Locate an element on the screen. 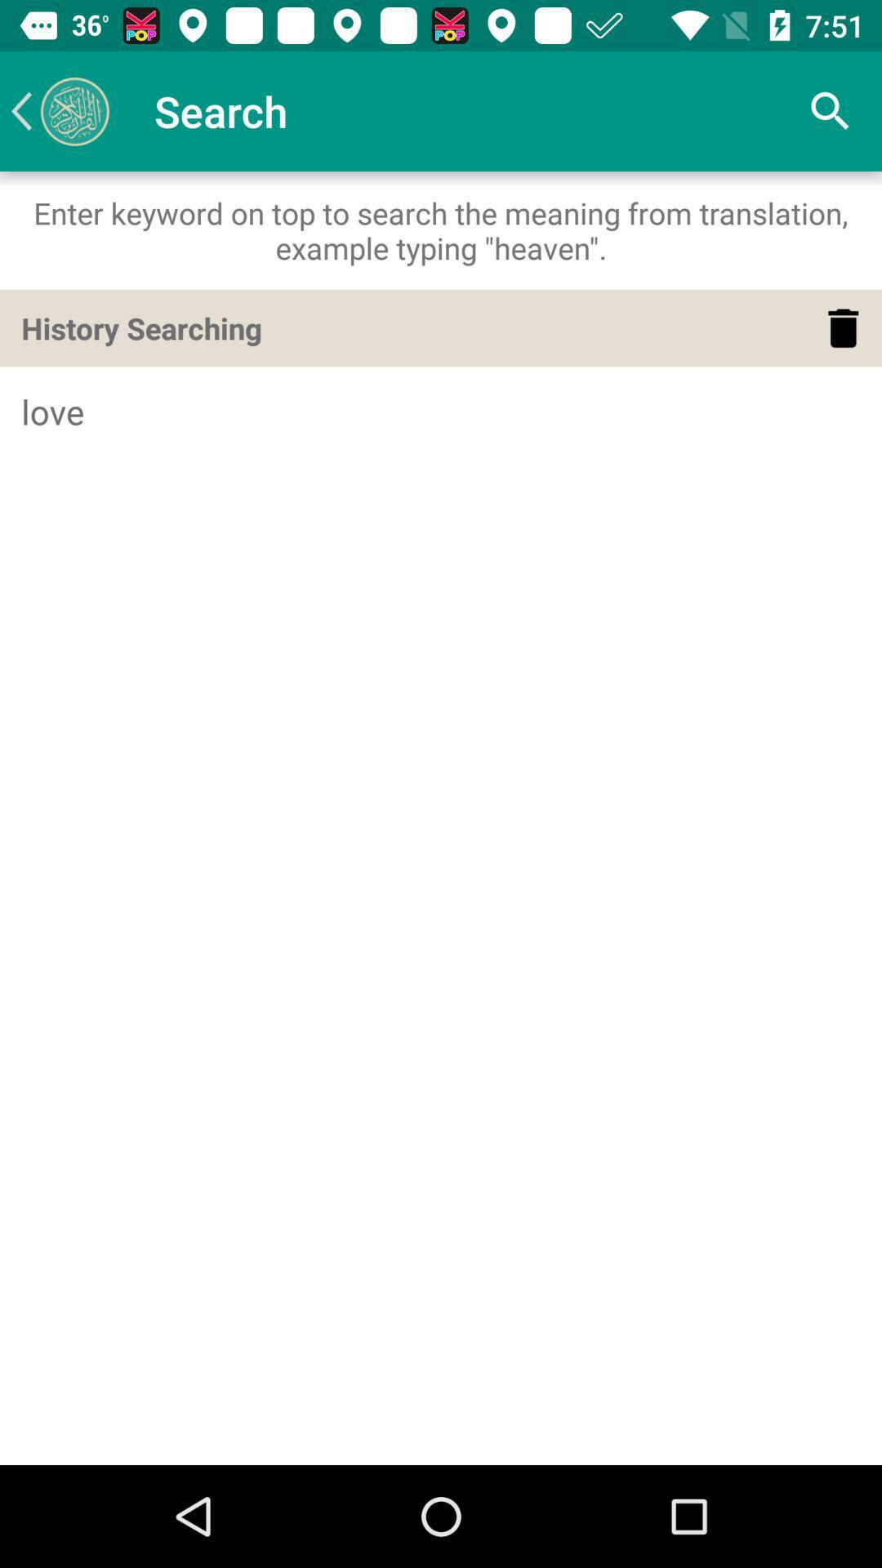  delete history searching is located at coordinates (843, 327).